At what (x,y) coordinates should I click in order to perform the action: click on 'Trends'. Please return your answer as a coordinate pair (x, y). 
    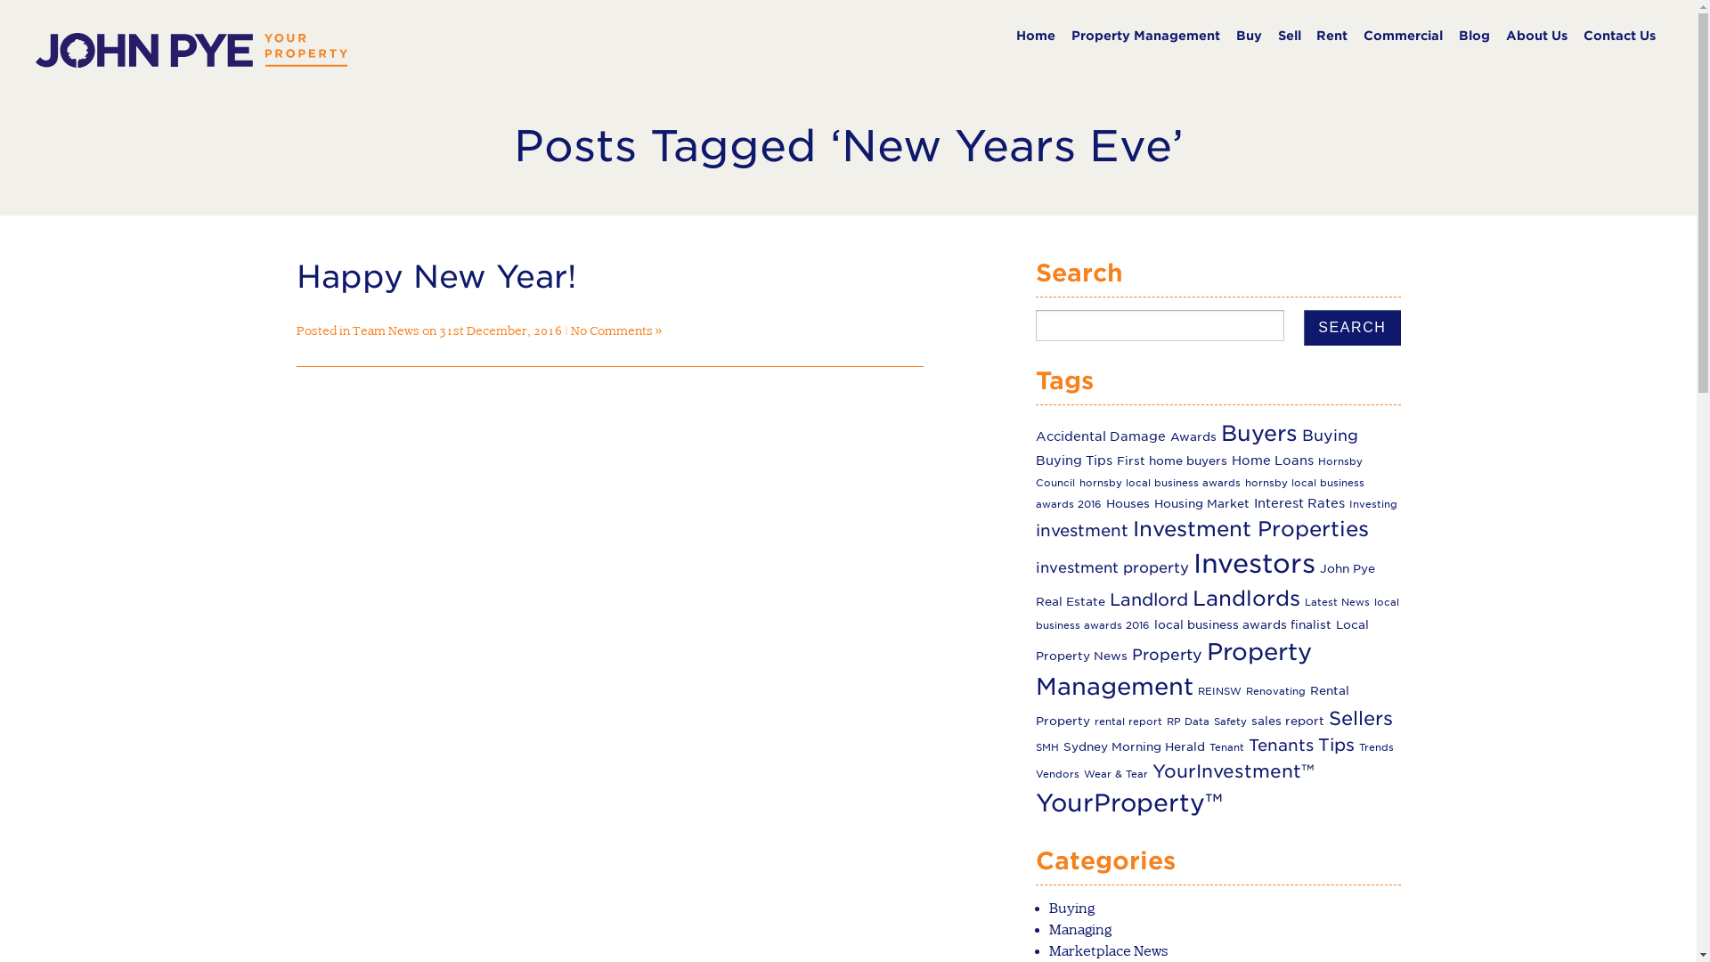
    Looking at the image, I should click on (1375, 747).